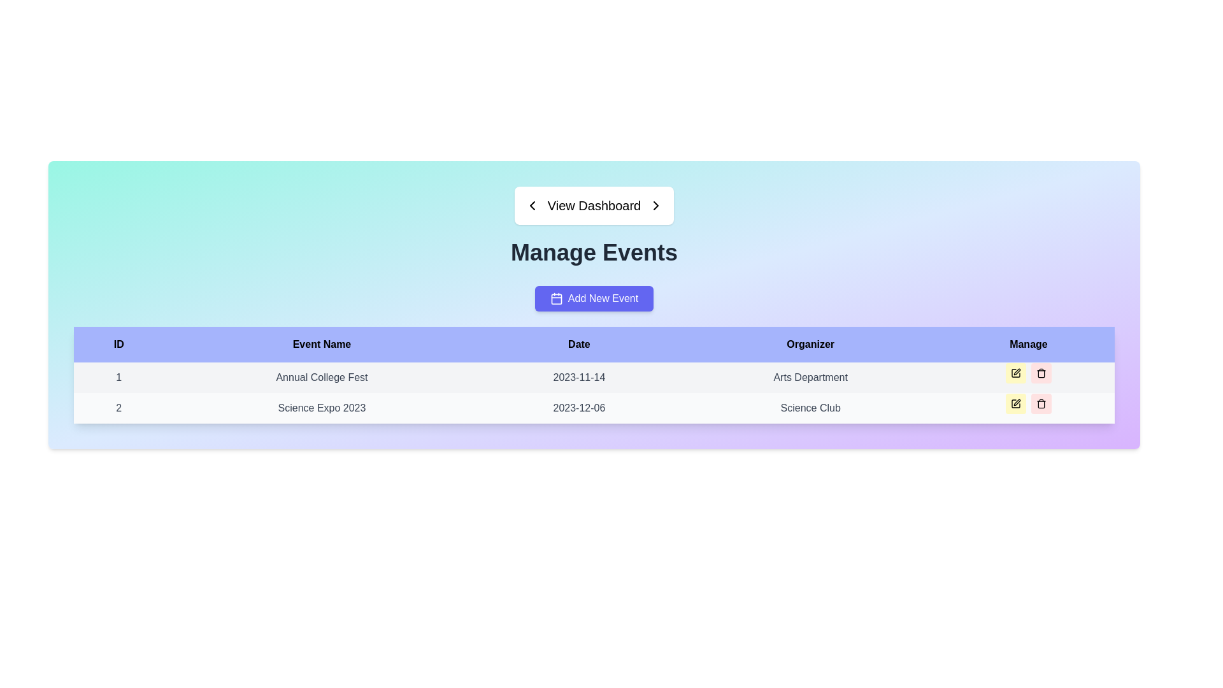 The image size is (1223, 688). I want to click on the pen-shaped edit icon located in the 'Manage' column of the second row of the table, so click(1016, 403).